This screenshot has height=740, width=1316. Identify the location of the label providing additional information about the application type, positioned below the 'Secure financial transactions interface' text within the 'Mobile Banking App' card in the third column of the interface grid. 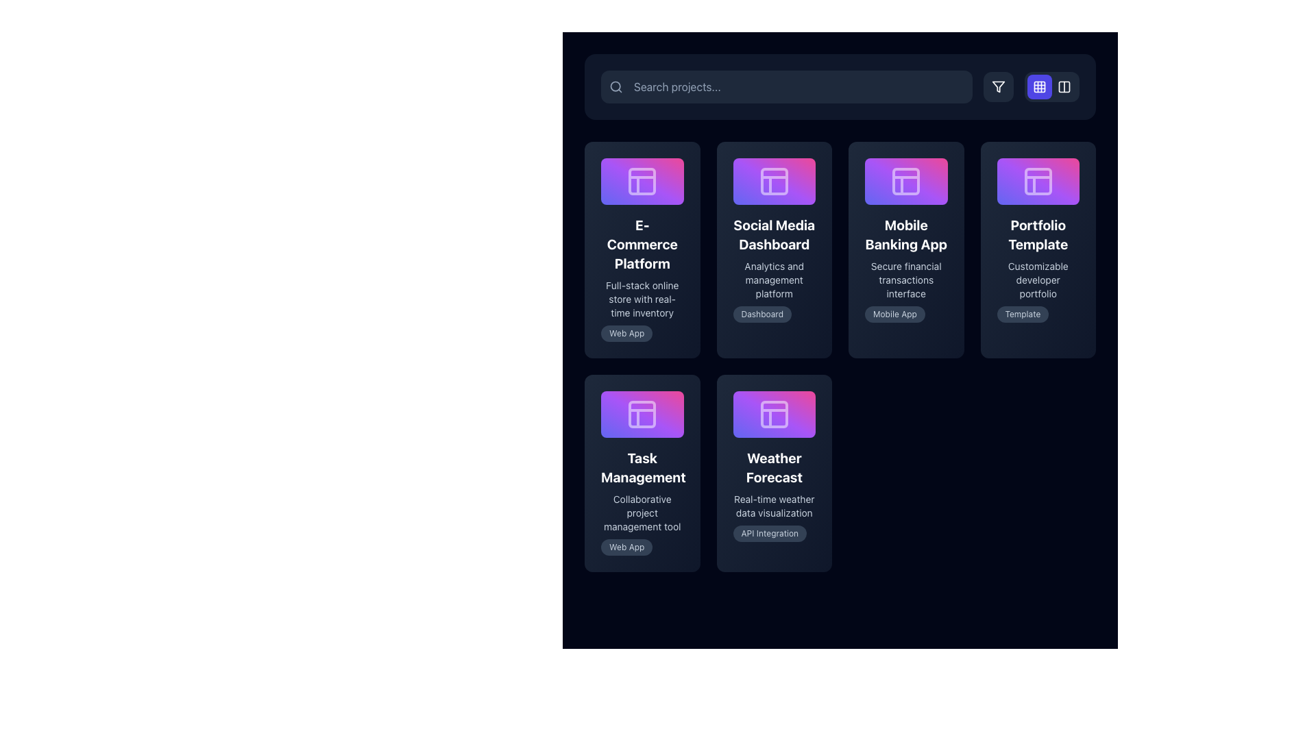
(906, 314).